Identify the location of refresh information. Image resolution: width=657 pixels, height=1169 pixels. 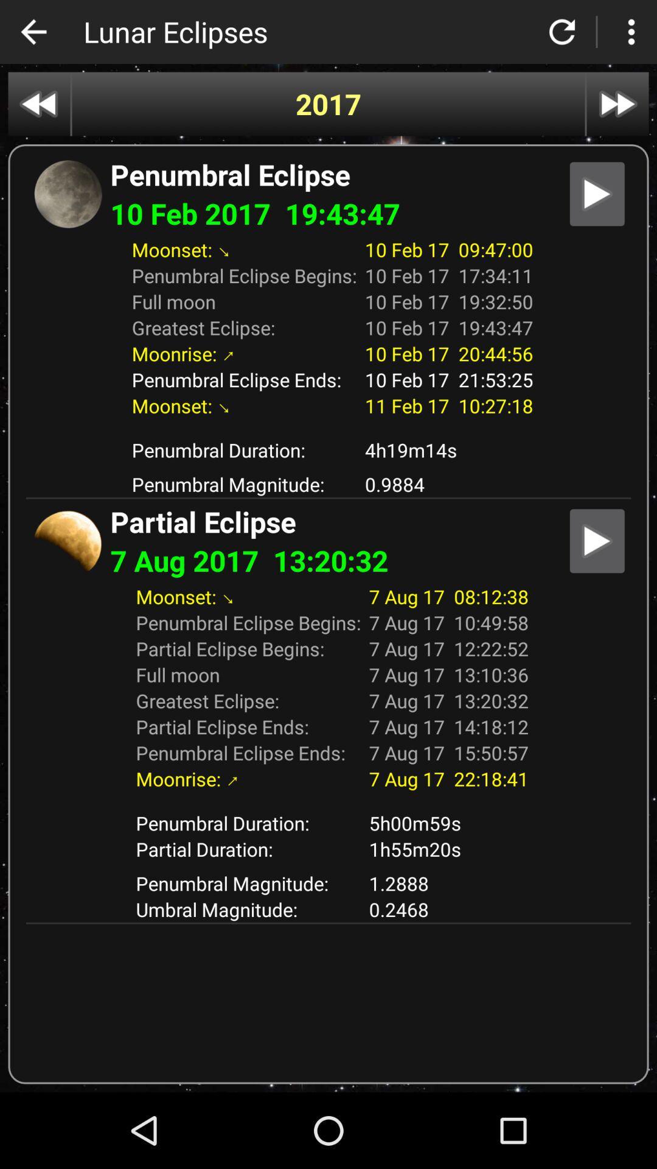
(562, 32).